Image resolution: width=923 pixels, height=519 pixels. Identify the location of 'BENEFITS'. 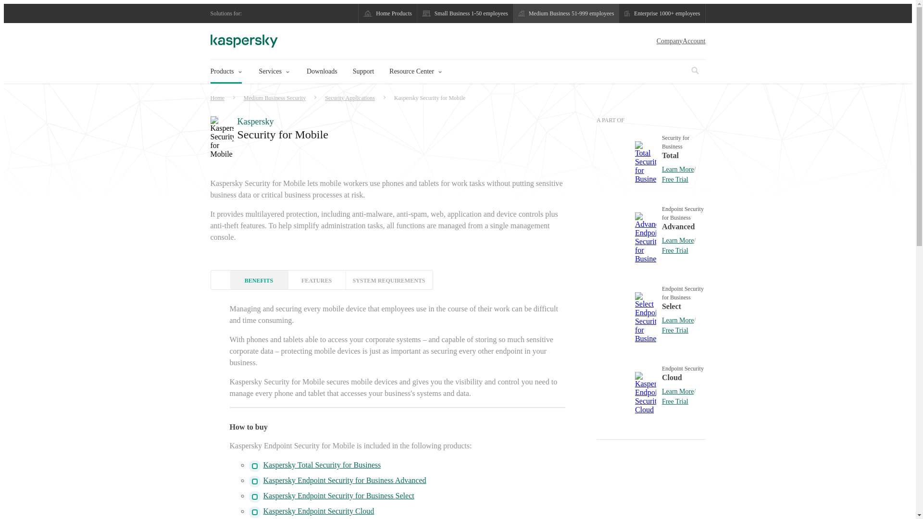
(258, 280).